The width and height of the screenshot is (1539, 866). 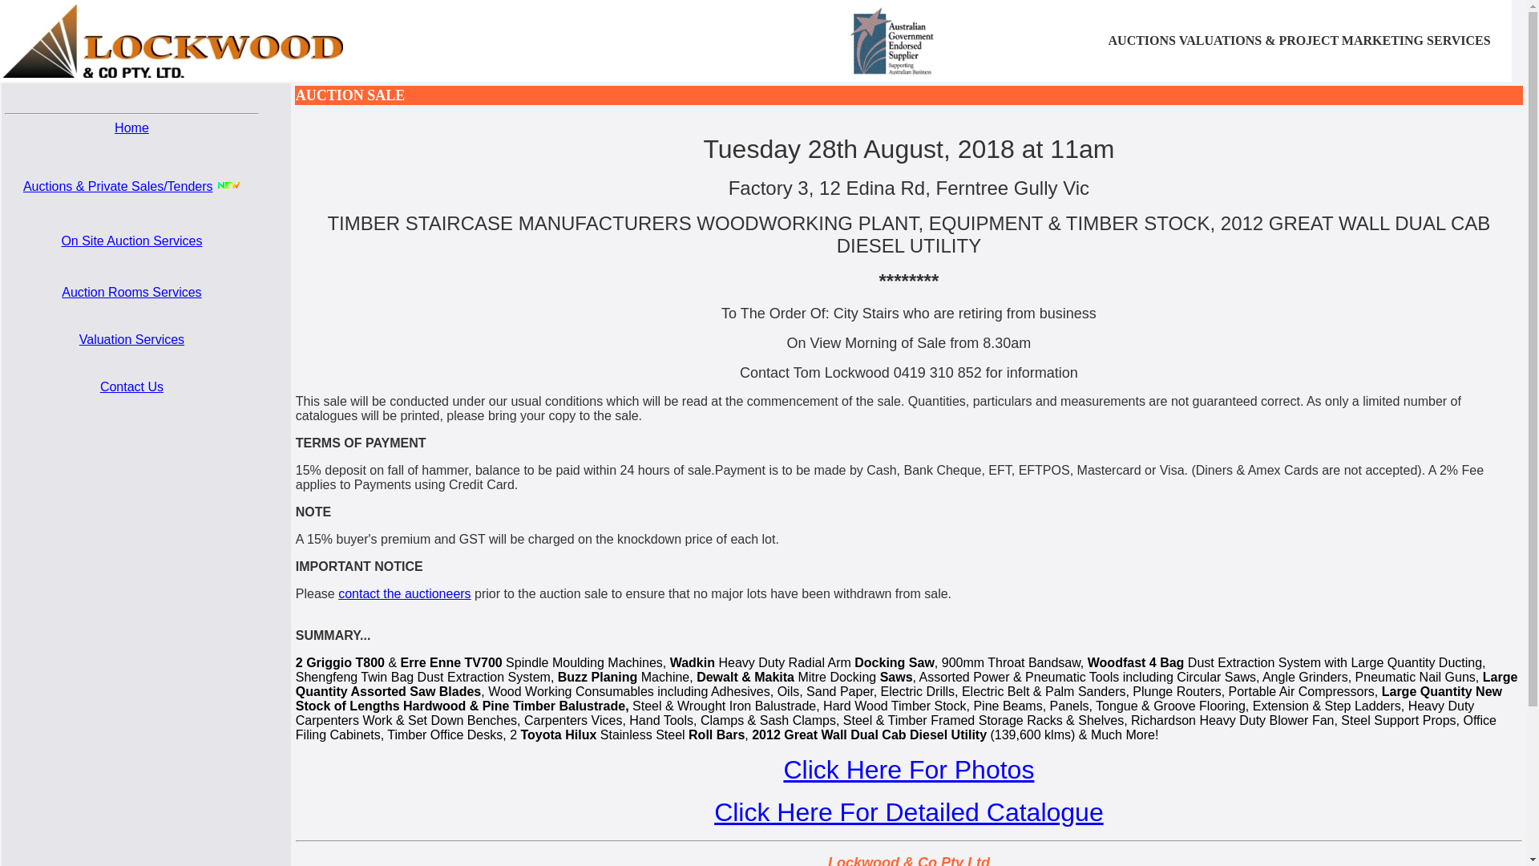 I want to click on 'On Site Auction Services', so click(x=61, y=241).